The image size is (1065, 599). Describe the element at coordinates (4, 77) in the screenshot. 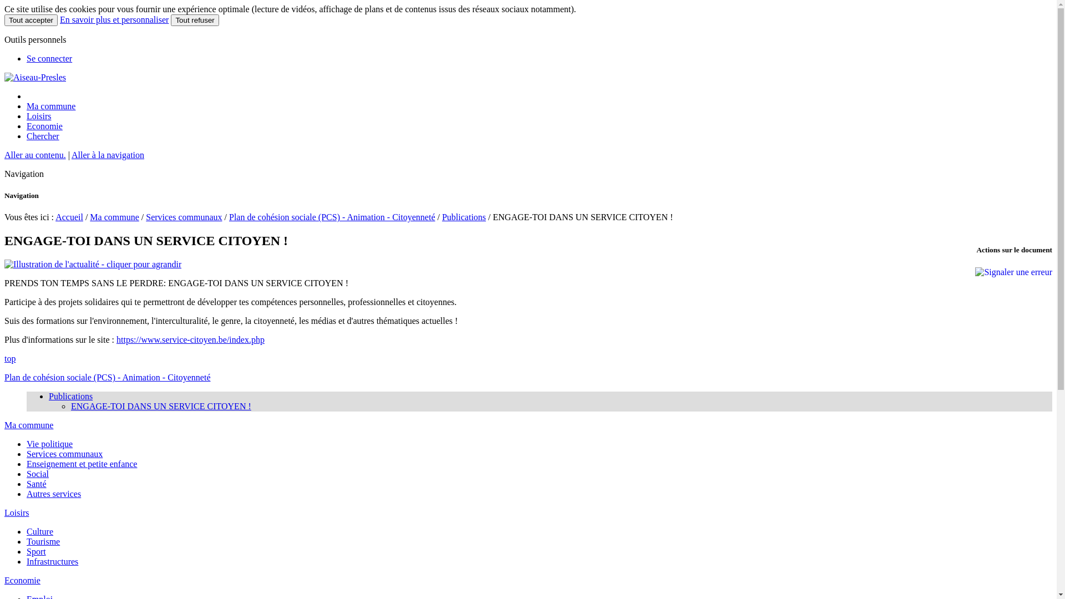

I see `'Aiseau-Presles'` at that location.